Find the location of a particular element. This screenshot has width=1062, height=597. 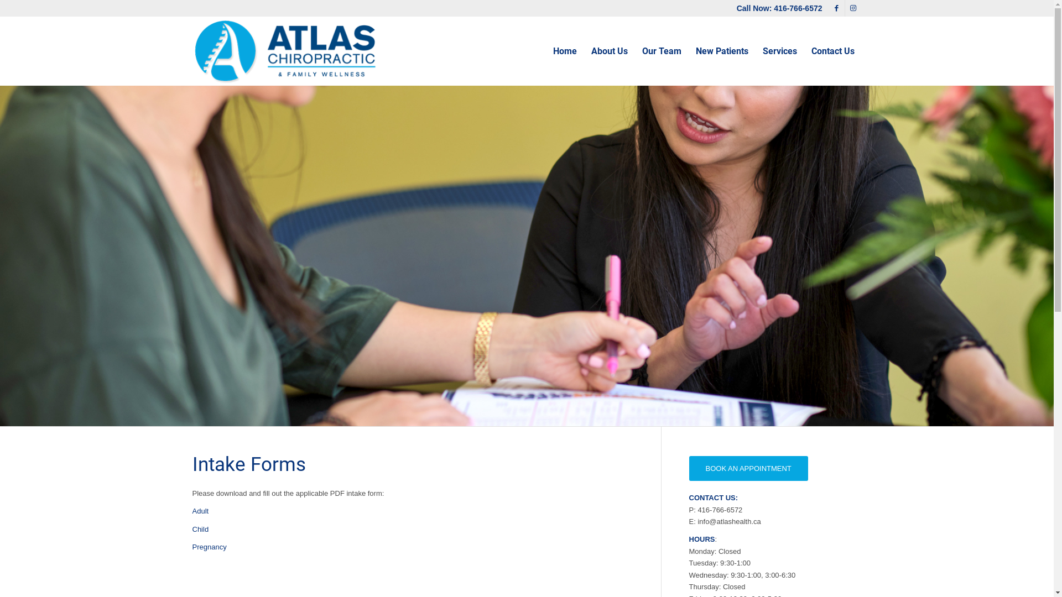

'Adult' is located at coordinates (201, 511).